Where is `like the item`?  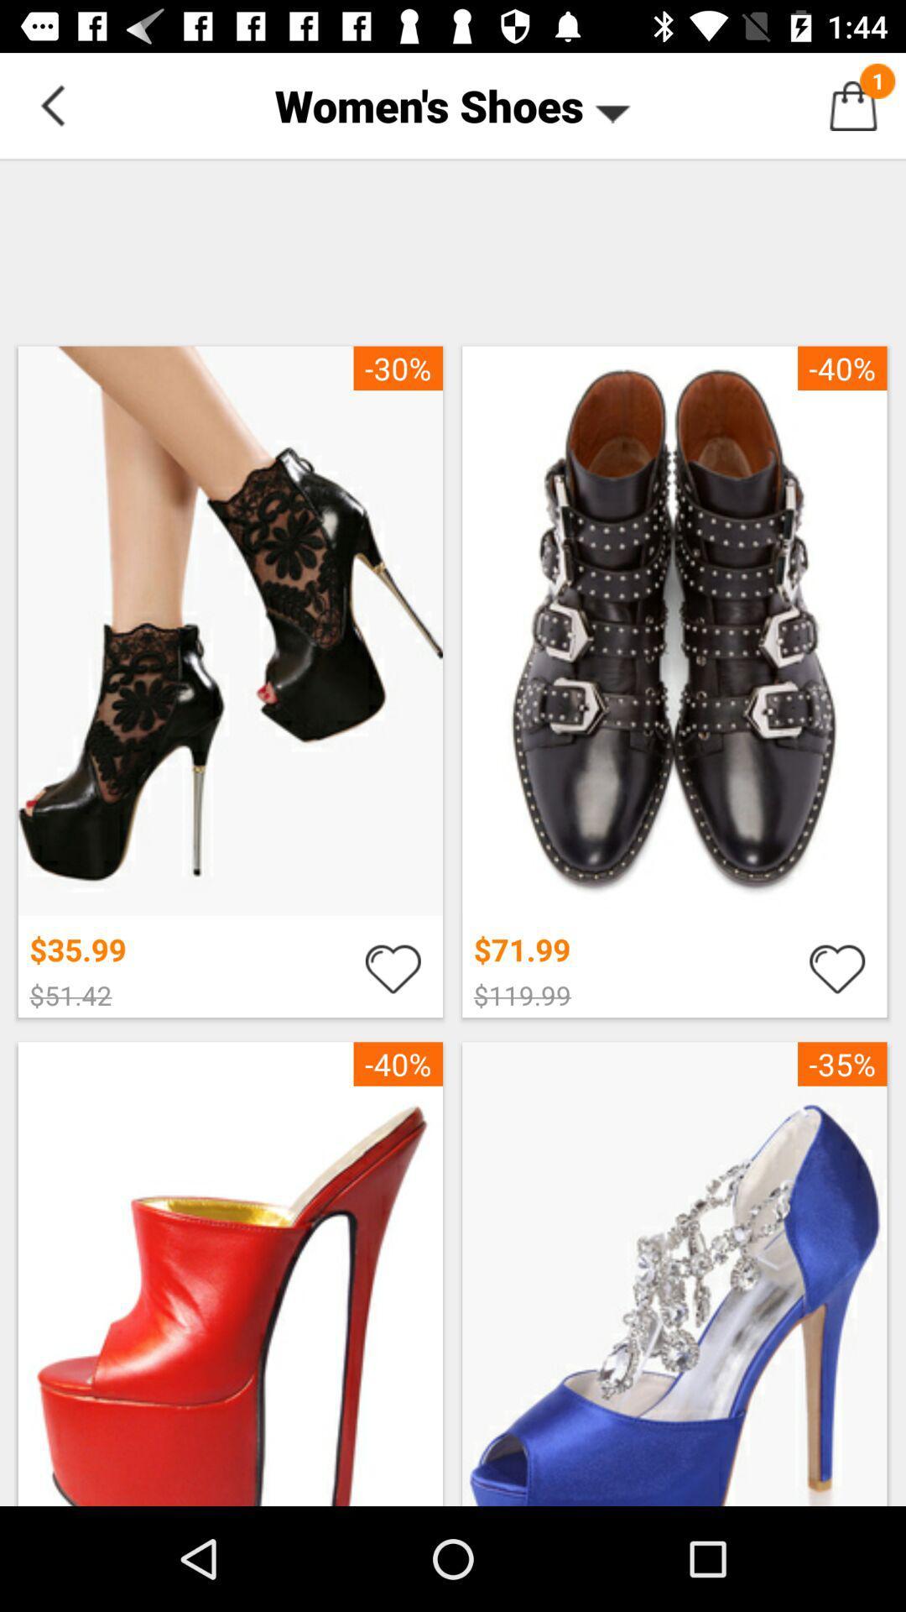
like the item is located at coordinates (837, 967).